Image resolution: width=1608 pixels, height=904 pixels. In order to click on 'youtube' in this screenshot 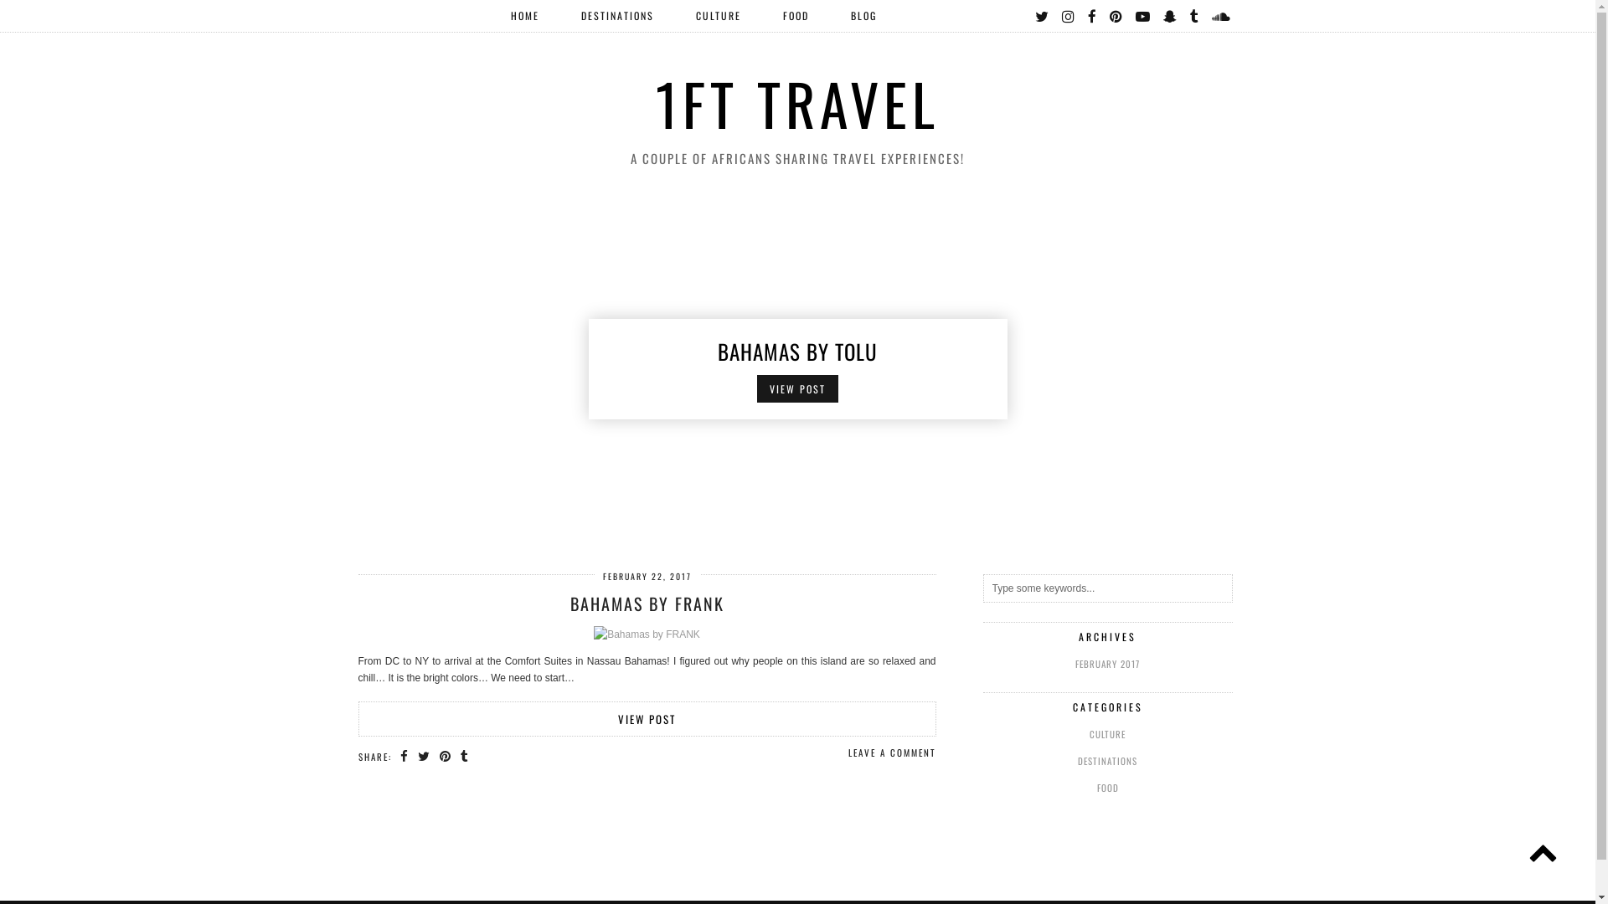, I will do `click(1142, 16)`.